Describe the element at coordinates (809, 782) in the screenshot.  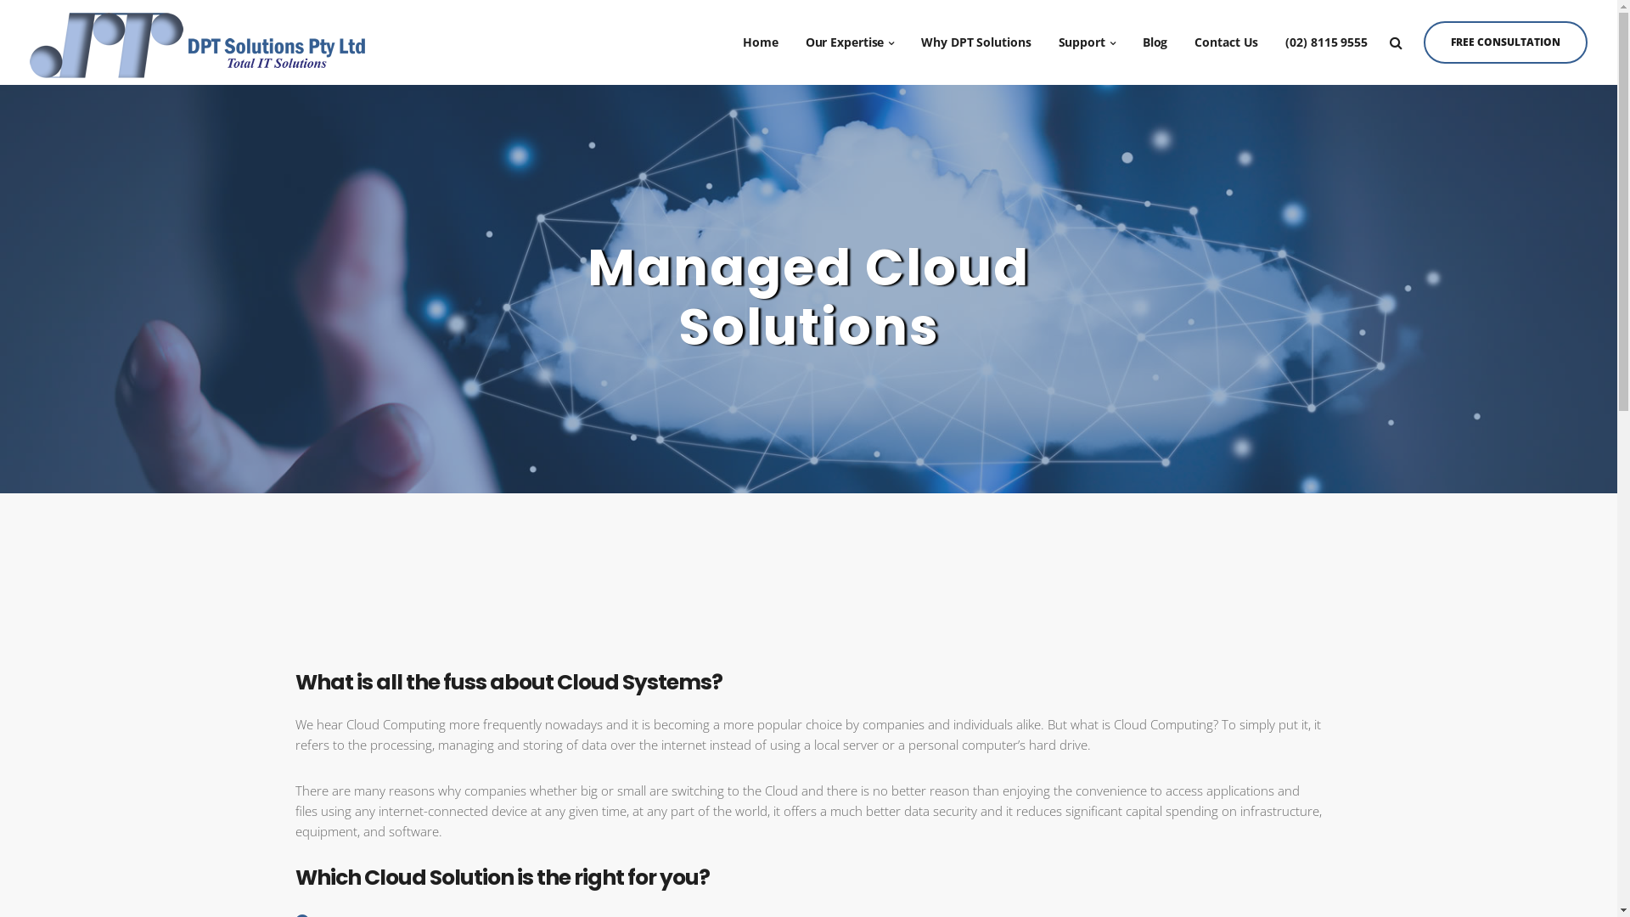
I see `'CLICK HERE'` at that location.